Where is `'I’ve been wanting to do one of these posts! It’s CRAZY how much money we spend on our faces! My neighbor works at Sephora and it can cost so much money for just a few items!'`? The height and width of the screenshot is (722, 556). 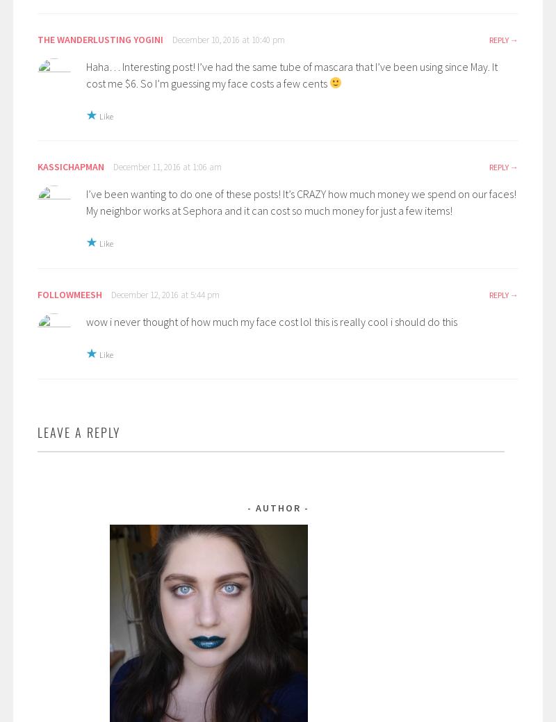 'I’ve been wanting to do one of these posts! It’s CRAZY how much money we spend on our faces! My neighbor works at Sephora and it can cost so much money for just a few items!' is located at coordinates (301, 202).